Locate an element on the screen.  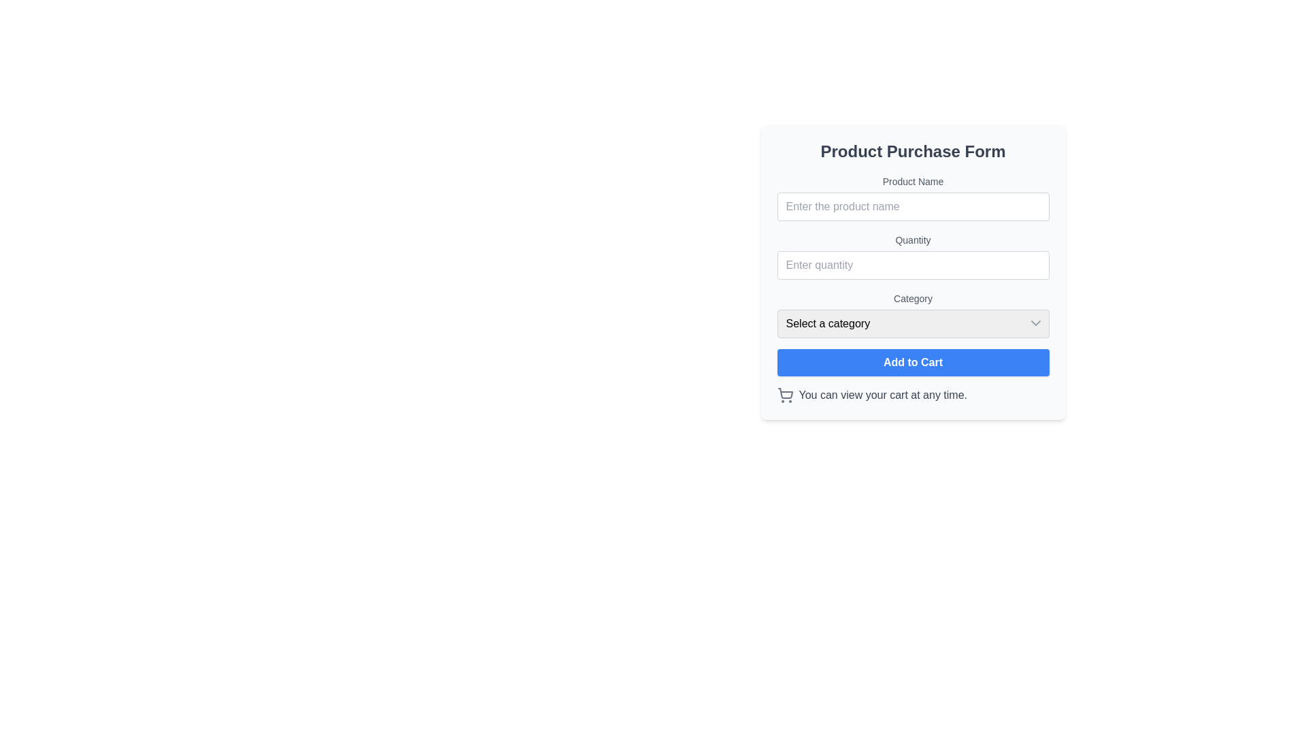
the dropdown indicator icon (an SVG arrow pointing downward, light gray color) located in the upper-right corner of the 'Category' input box is located at coordinates (1035, 323).